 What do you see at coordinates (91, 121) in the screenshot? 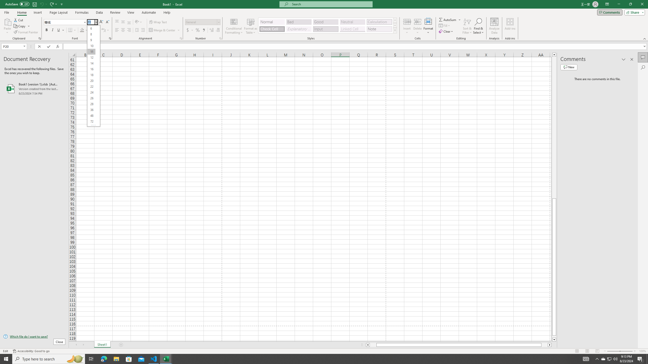
I see `'72'` at bounding box center [91, 121].